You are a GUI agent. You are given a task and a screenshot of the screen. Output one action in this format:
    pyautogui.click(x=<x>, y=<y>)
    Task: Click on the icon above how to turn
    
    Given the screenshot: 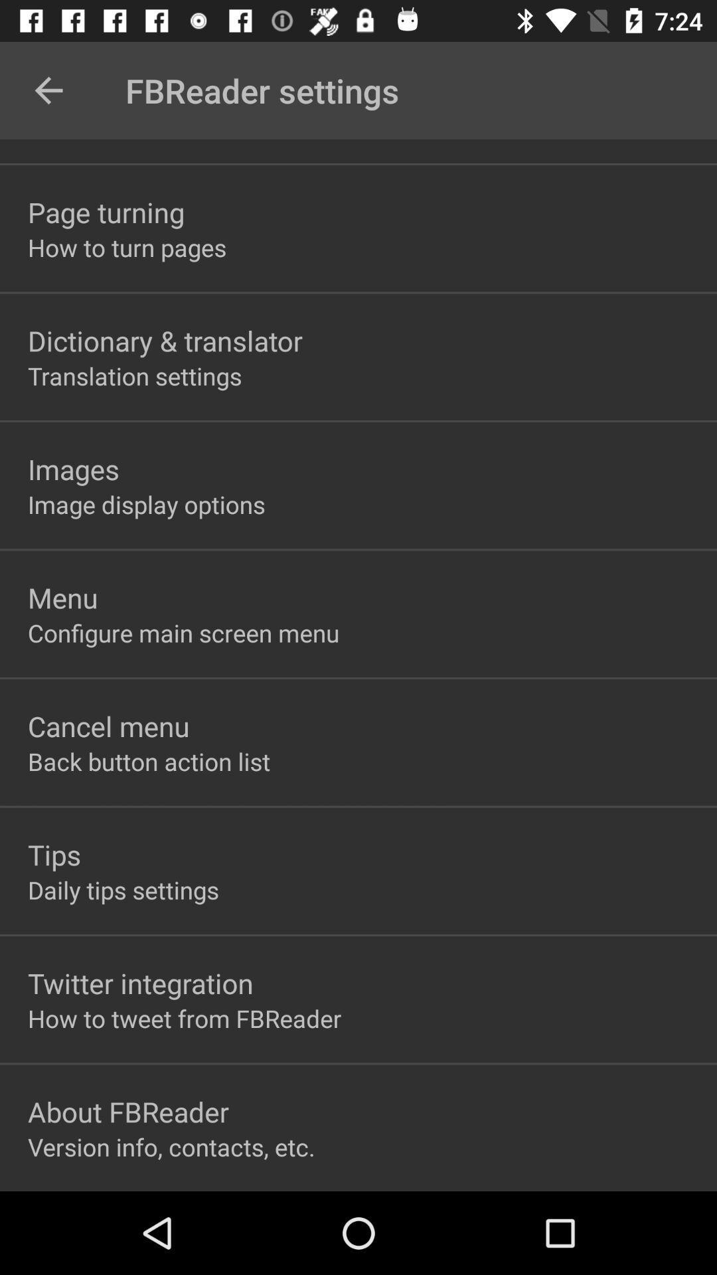 What is the action you would take?
    pyautogui.click(x=106, y=211)
    